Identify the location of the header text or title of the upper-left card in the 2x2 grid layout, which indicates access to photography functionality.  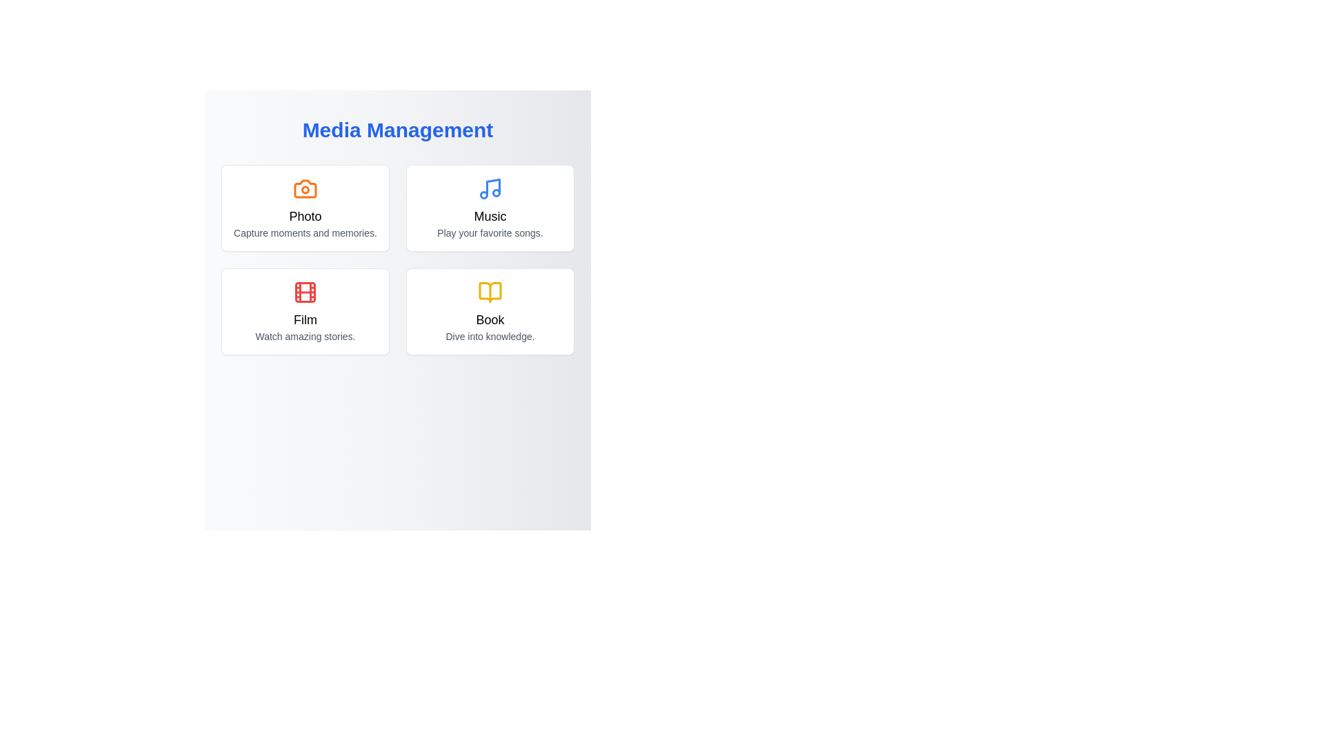
(304, 216).